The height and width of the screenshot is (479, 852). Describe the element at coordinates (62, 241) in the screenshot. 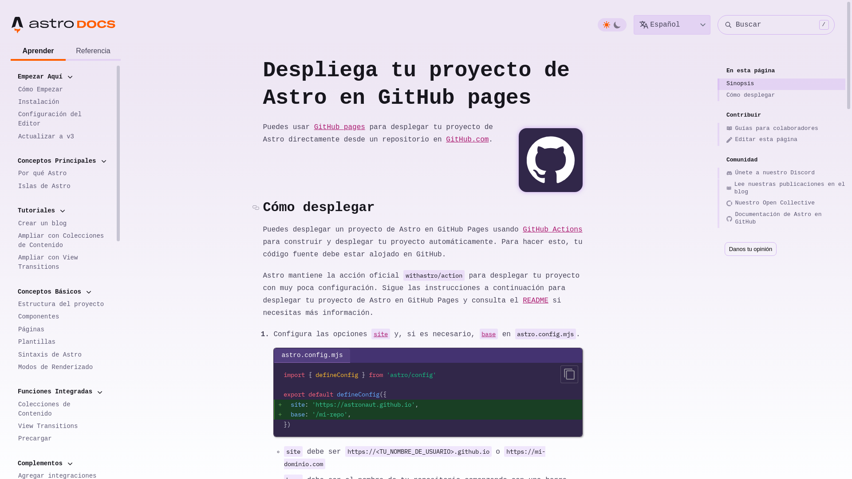

I see `'Ampliar con Colecciones de Contenido'` at that location.